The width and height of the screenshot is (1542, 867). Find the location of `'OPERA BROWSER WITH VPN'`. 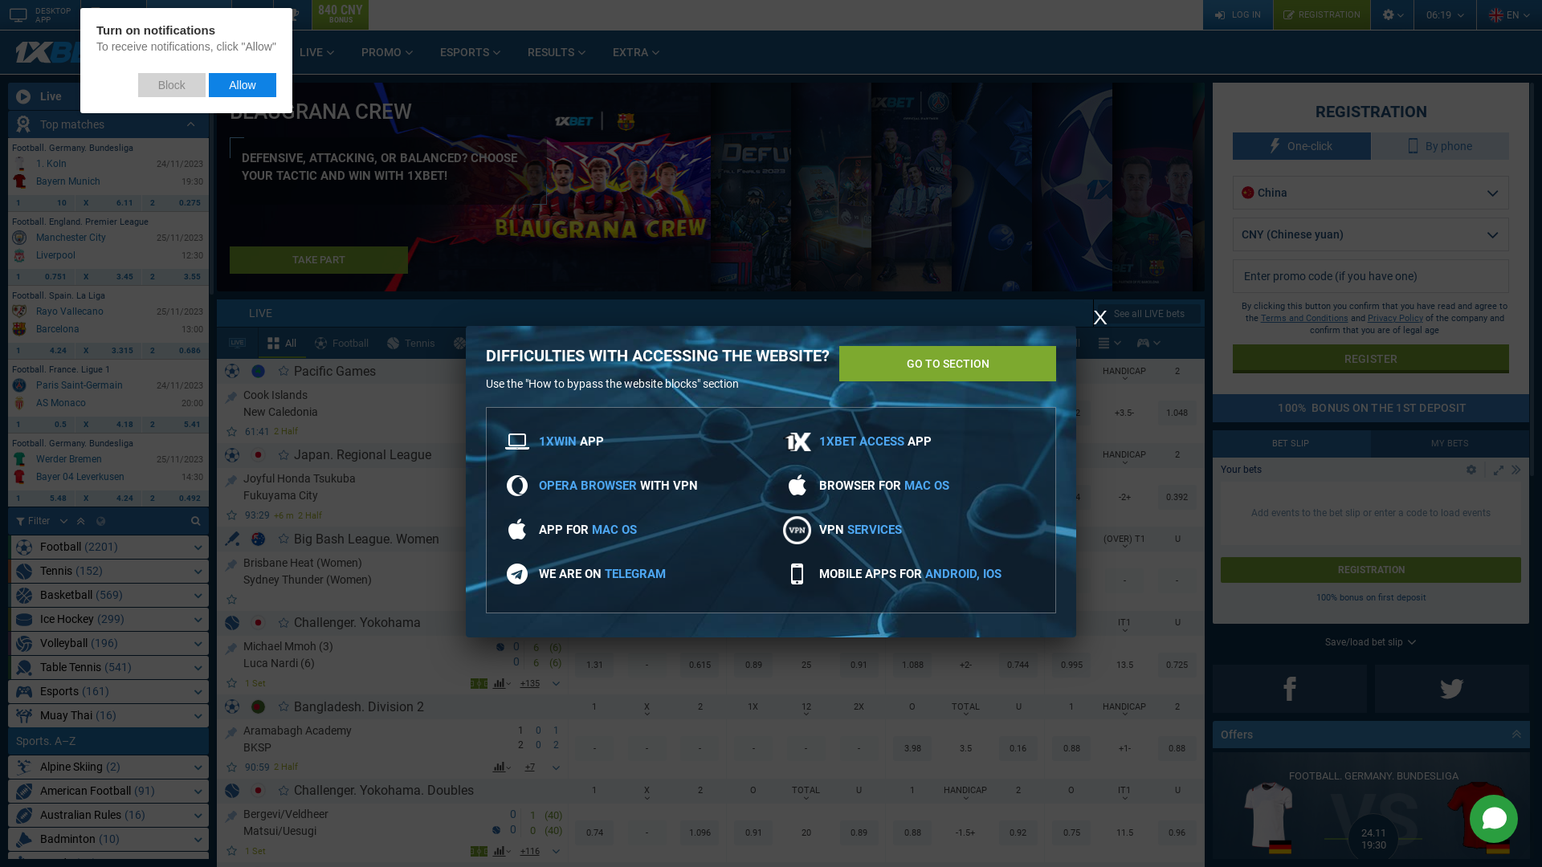

'OPERA BROWSER WITH VPN' is located at coordinates (617, 485).